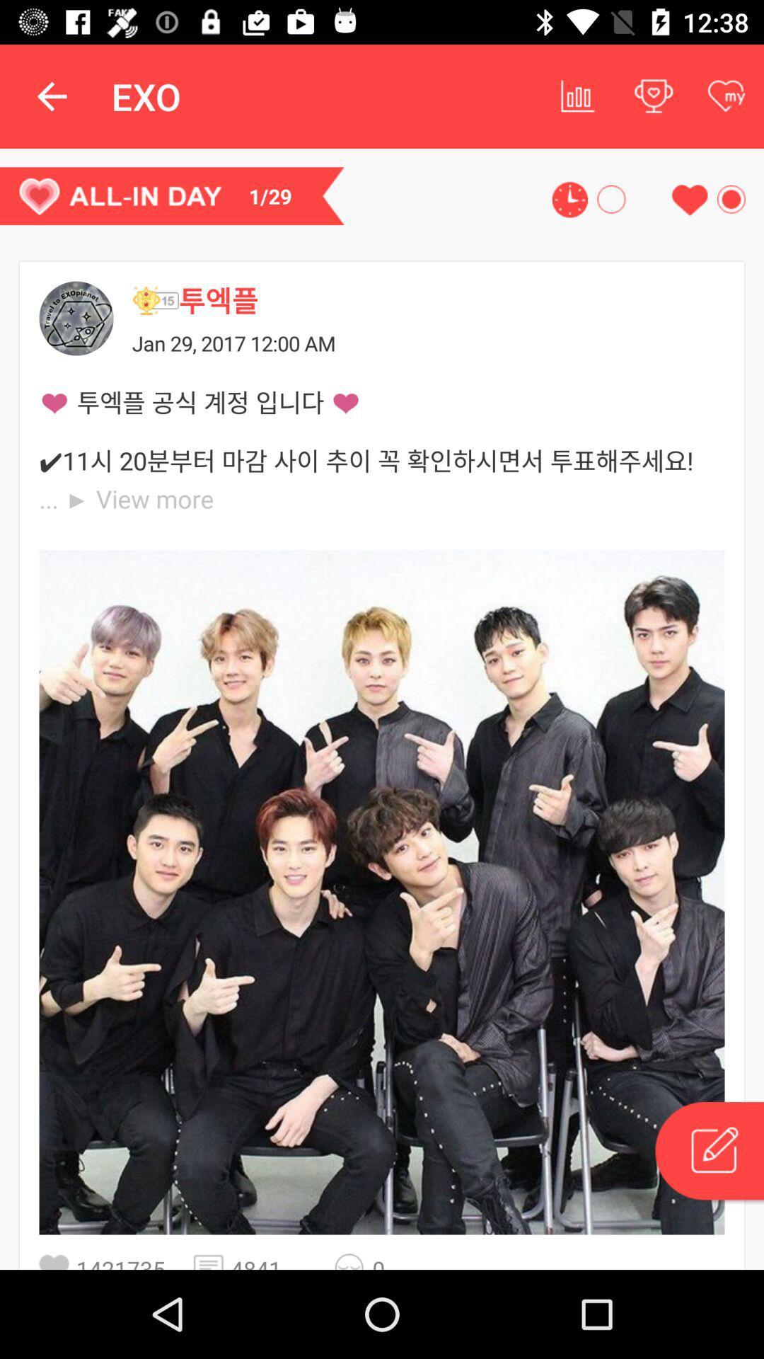  I want to click on post, so click(708, 1153).